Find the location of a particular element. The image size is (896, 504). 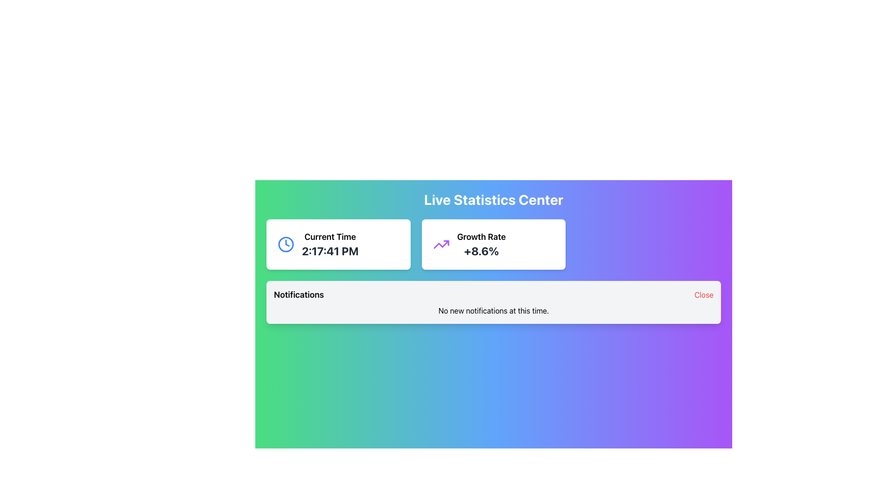

the graphical zig-zag trend line icon with a purple stroke in the growth statistics section is located at coordinates (441, 244).